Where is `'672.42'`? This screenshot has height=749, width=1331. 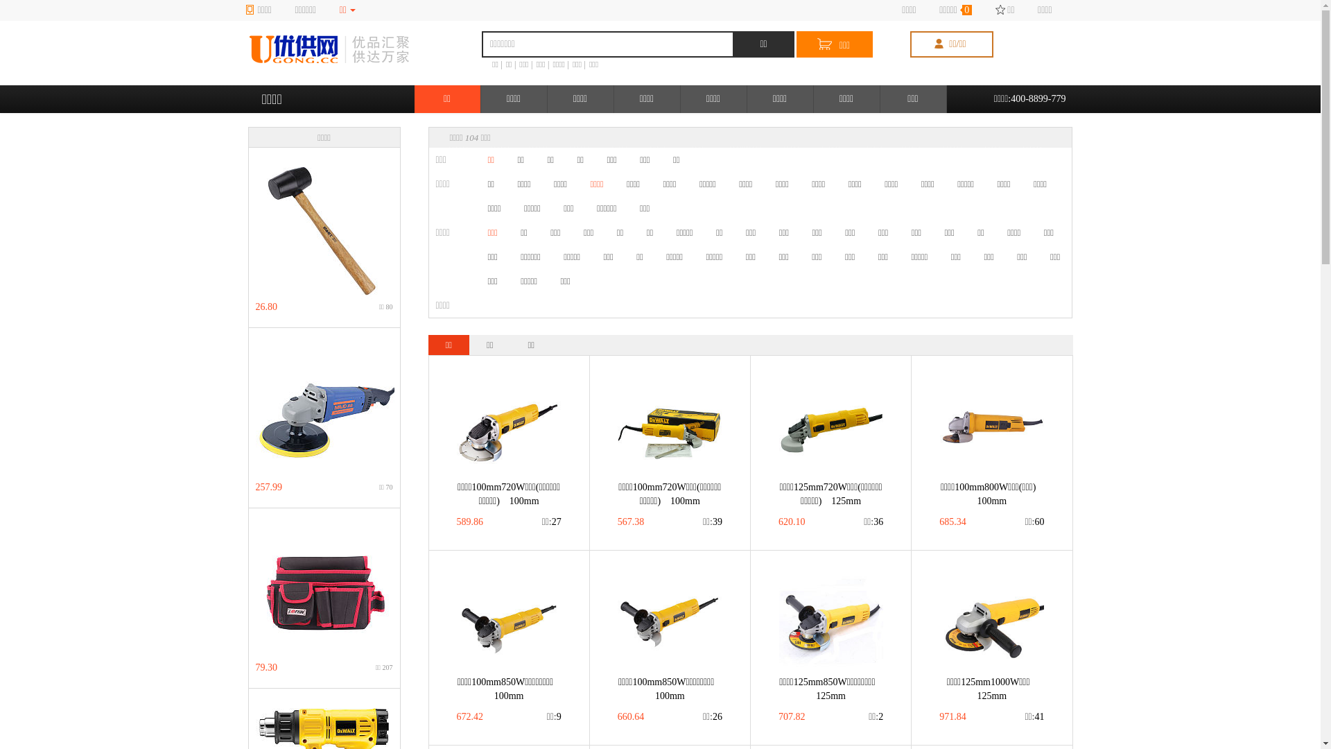
'672.42' is located at coordinates (455, 716).